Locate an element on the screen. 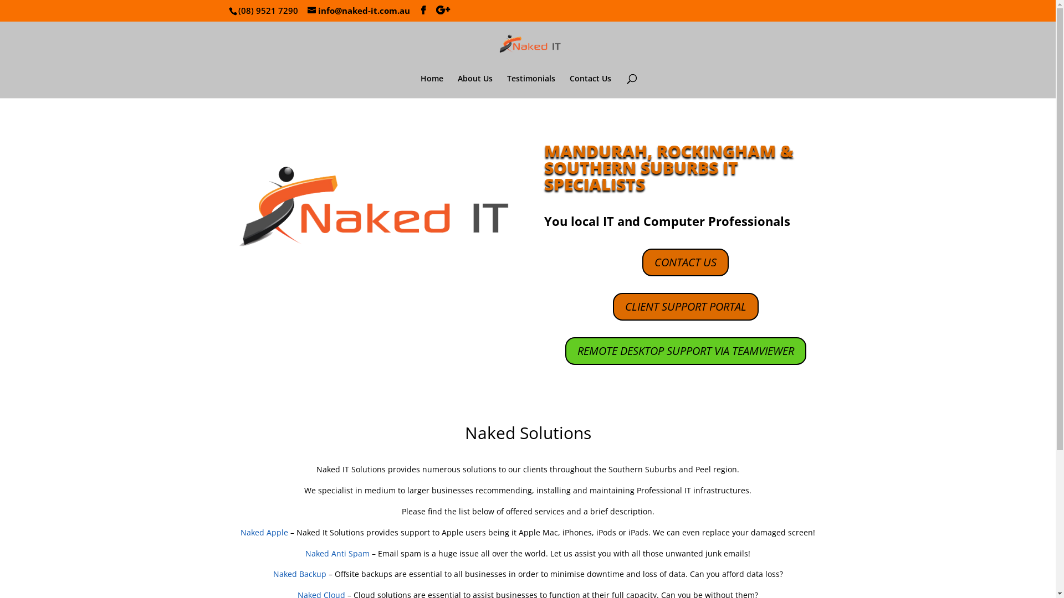 This screenshot has height=598, width=1064. 'Naked Anti Spam' is located at coordinates (337, 553).